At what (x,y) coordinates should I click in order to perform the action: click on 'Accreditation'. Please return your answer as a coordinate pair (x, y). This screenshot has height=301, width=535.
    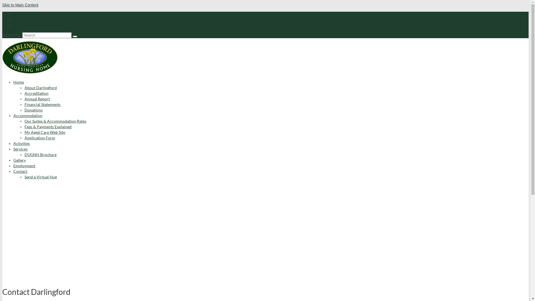
    Looking at the image, I should click on (36, 93).